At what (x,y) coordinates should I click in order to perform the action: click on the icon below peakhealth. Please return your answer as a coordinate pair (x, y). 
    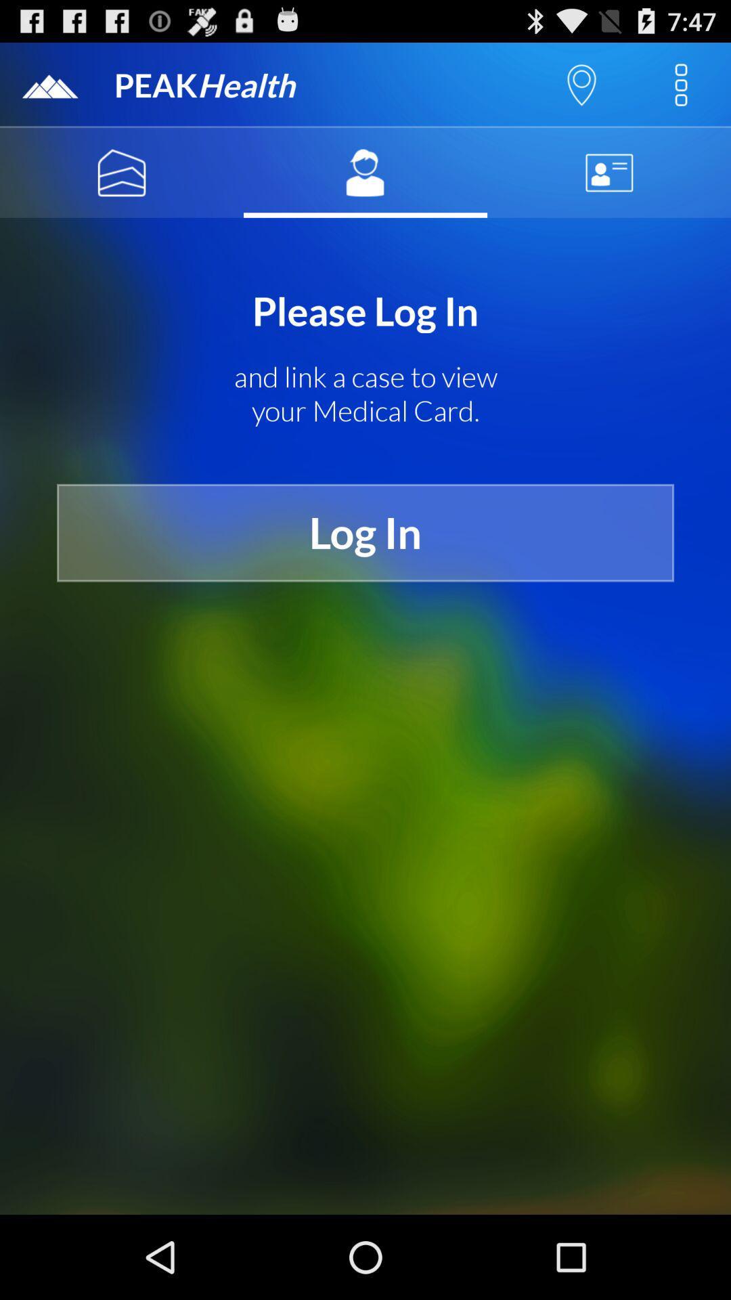
    Looking at the image, I should click on (365, 172).